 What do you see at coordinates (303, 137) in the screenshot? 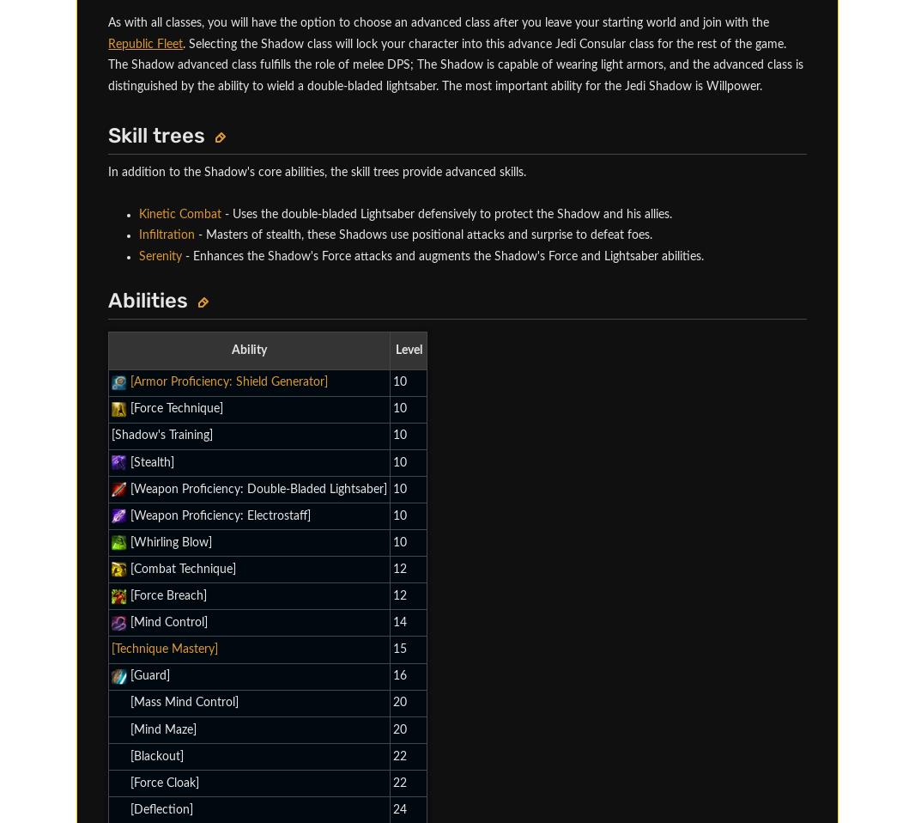
I see `'Playable species'` at bounding box center [303, 137].